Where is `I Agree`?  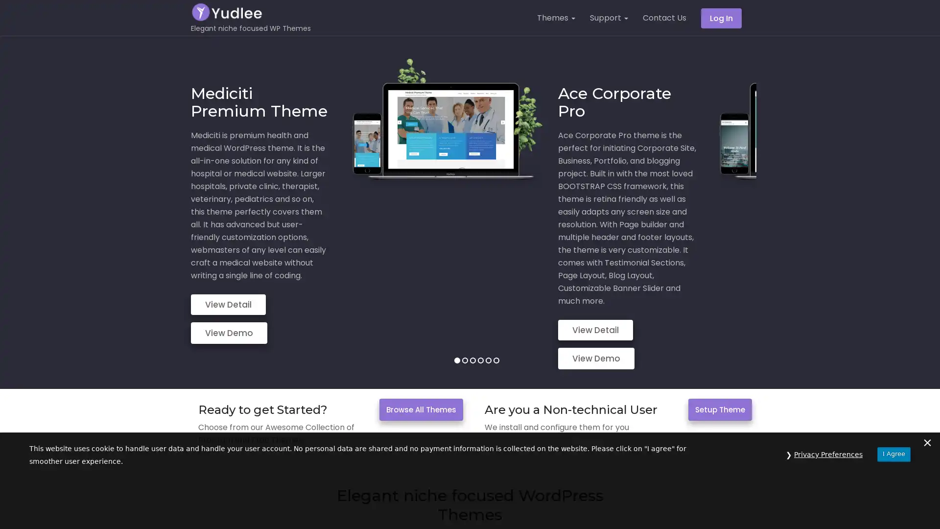 I Agree is located at coordinates (893, 505).